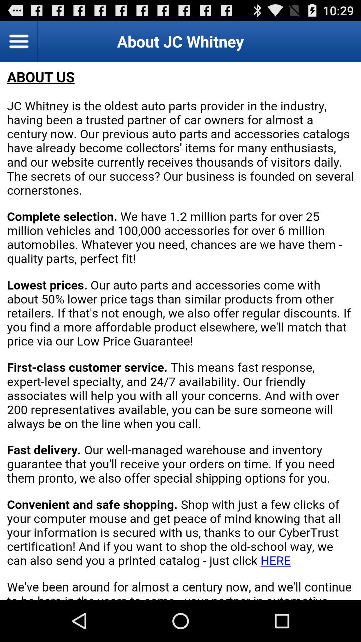 This screenshot has height=642, width=361. Describe the element at coordinates (180, 331) in the screenshot. I see `about jc whitney` at that location.